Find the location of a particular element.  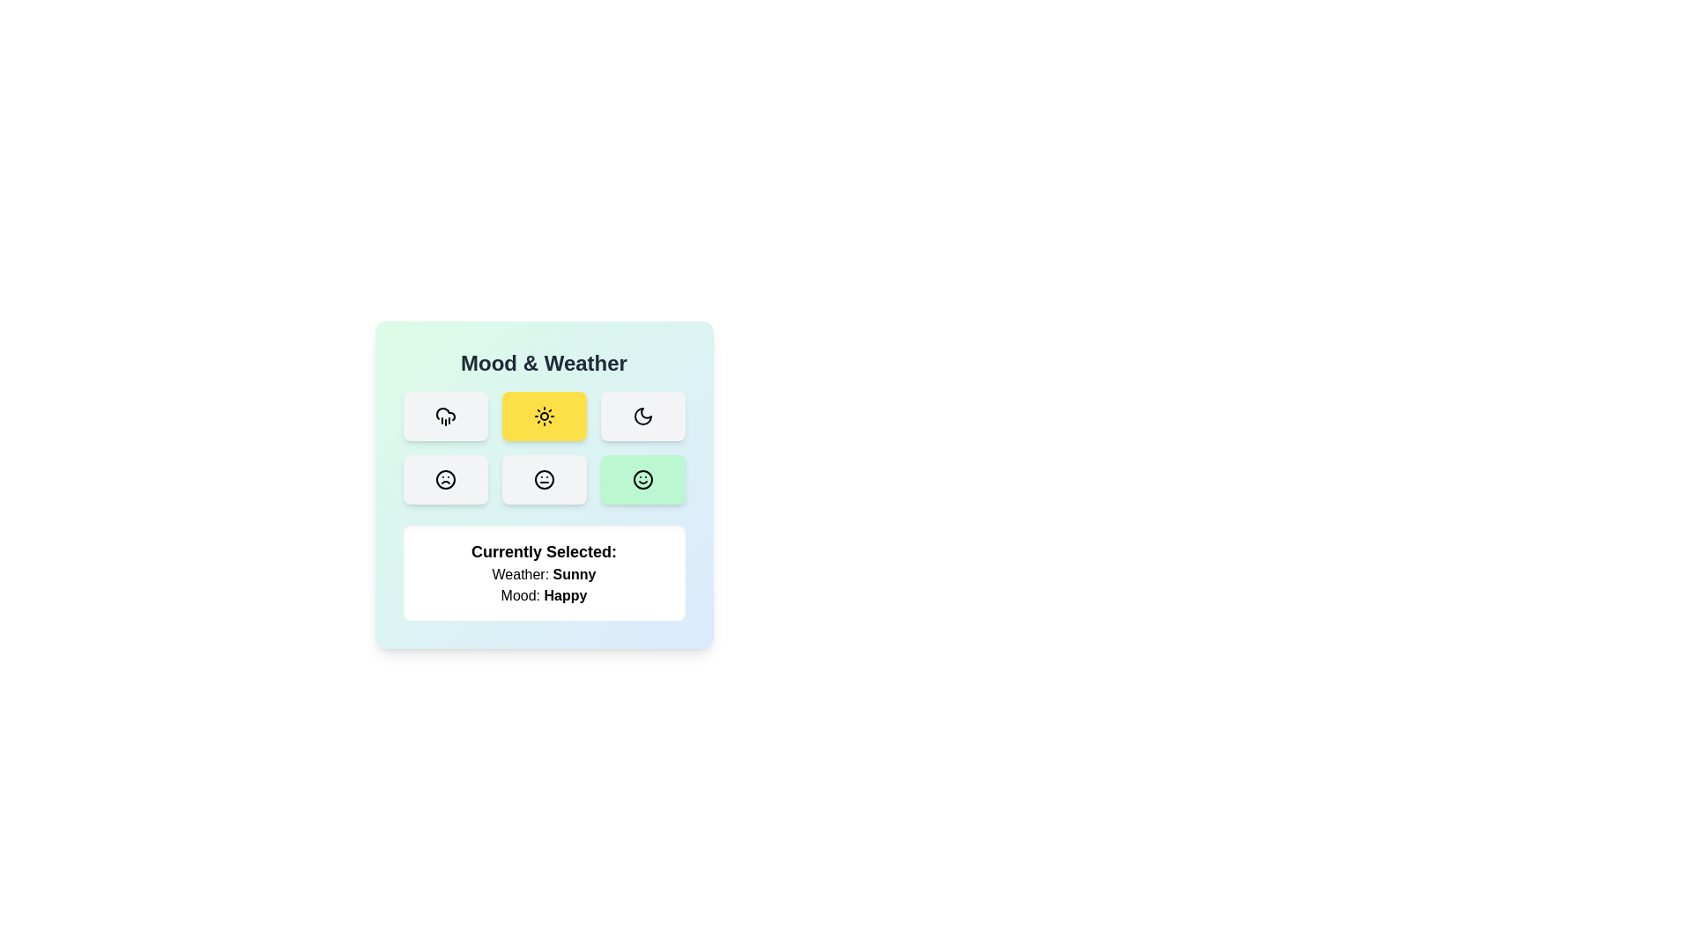

the 'Happy' mood button, which is the third button in the second row of the 'Mood & Weather' grid layout is located at coordinates (642, 479).